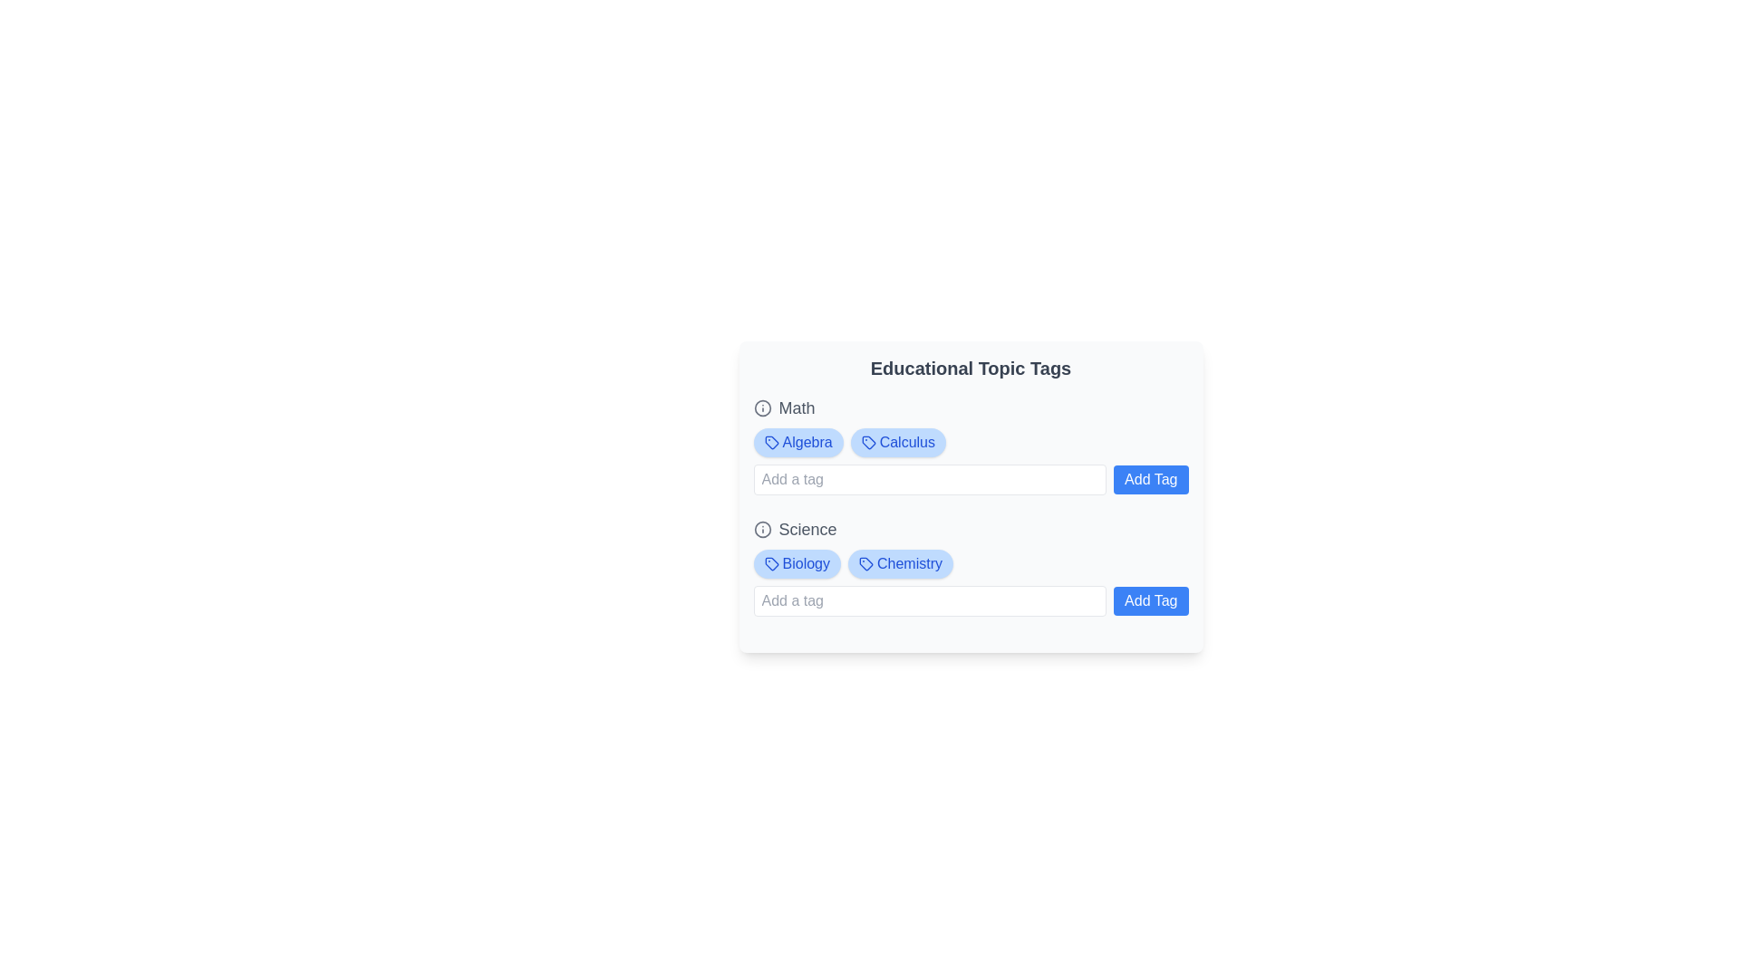 This screenshot has height=978, width=1740. Describe the element at coordinates (797, 443) in the screenshot. I see `the blue rectangular pill-shaped tag labeled 'Algebra' located in the 'Math' category of the 'Educational Topic Tags' section` at that location.